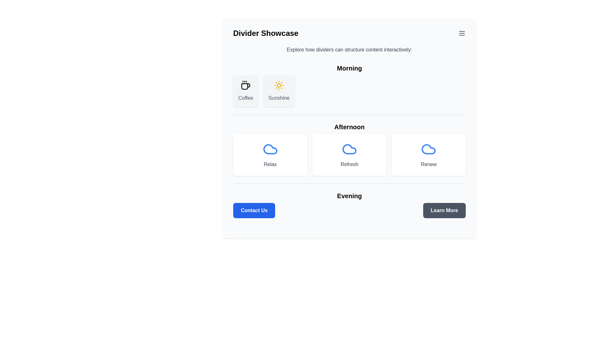 The width and height of the screenshot is (610, 343). Describe the element at coordinates (270, 149) in the screenshot. I see `the 'Relax' icon located in the 'Afternoon' section, which is the leftmost icon among 'Relax', 'Refresh', and 'Renew'` at that location.